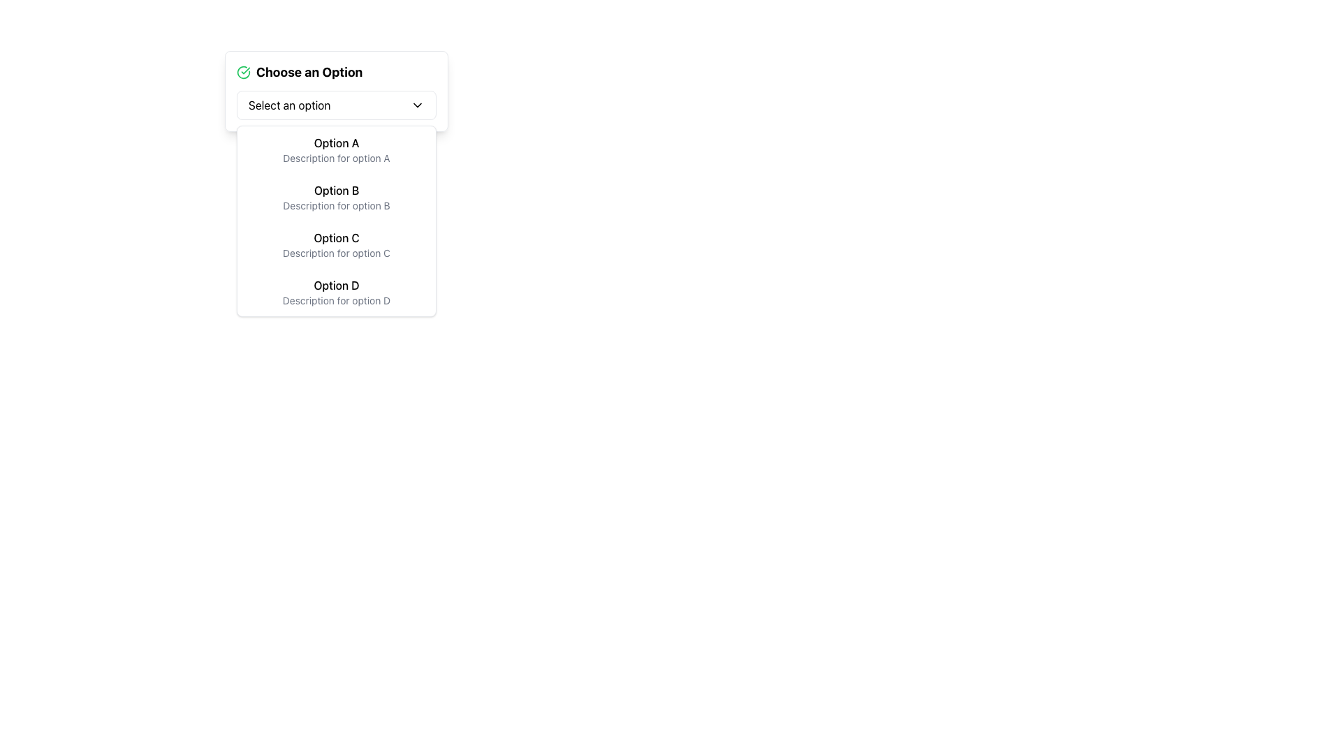 Image resolution: width=1341 pixels, height=754 pixels. What do you see at coordinates (336, 300) in the screenshot?
I see `the text element displaying 'Description for option D', which is located directly below the 'Option D' label in a dropdown menu` at bounding box center [336, 300].